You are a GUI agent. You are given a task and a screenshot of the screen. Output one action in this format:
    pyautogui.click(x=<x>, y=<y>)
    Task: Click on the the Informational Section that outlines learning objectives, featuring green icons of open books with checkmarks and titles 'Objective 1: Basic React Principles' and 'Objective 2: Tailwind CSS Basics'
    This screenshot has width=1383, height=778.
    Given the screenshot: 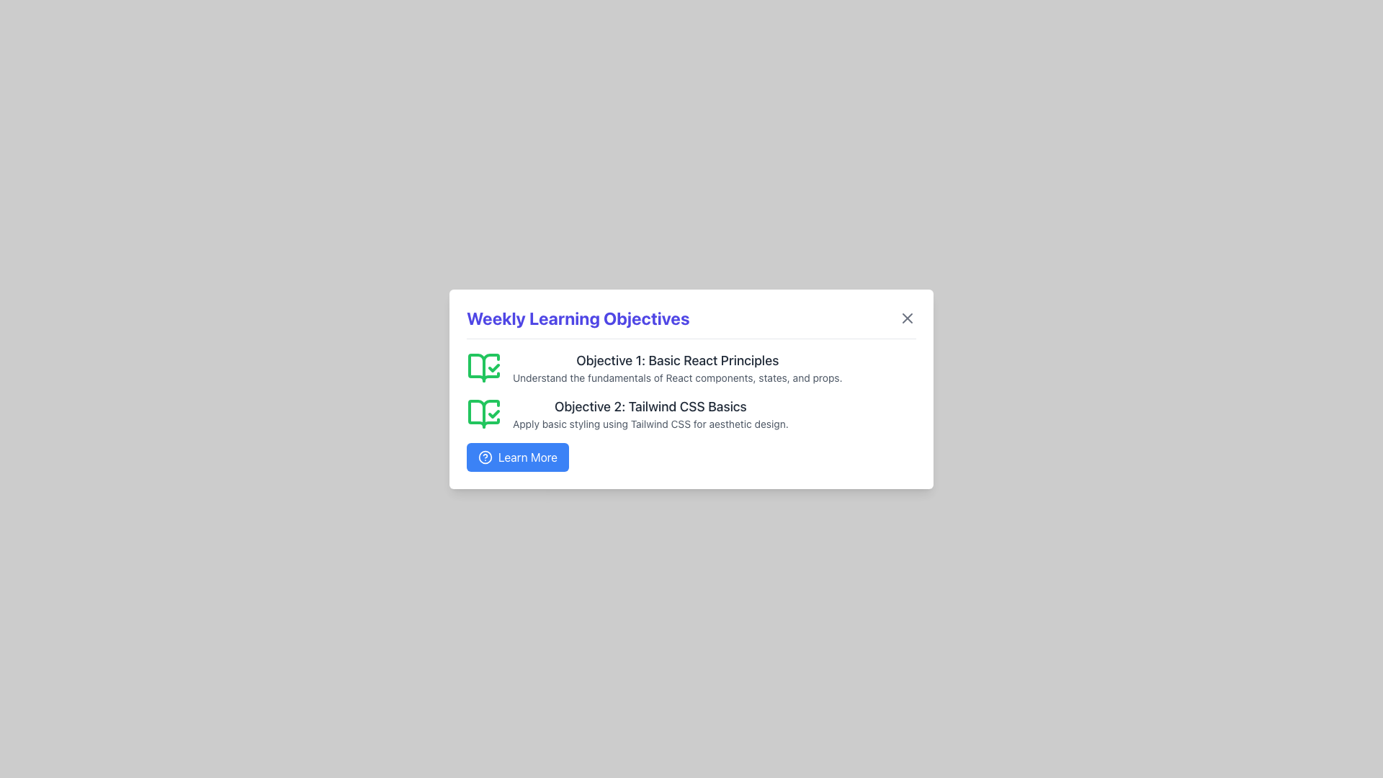 What is the action you would take?
    pyautogui.click(x=691, y=411)
    